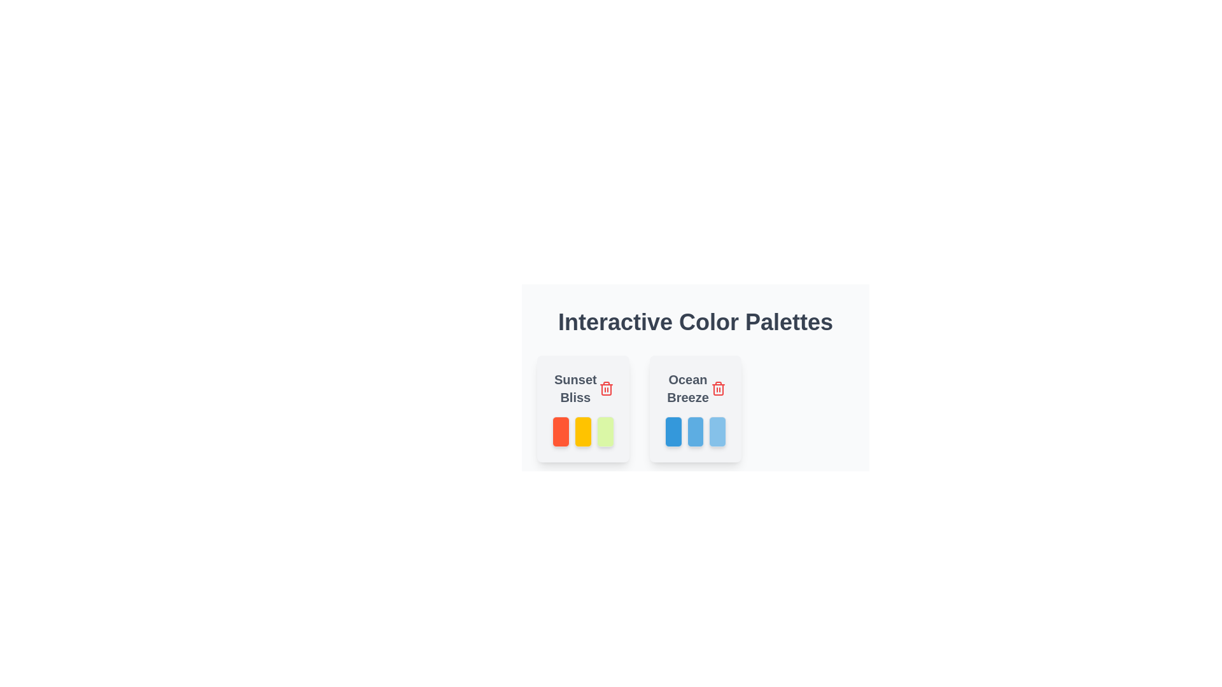  Describe the element at coordinates (694, 431) in the screenshot. I see `the middle square of the Color indicator or palette component with a solid light blue background located in the 'Ocean Breeze' palette on the second row of the 'Interactive Color Palettes' section` at that location.